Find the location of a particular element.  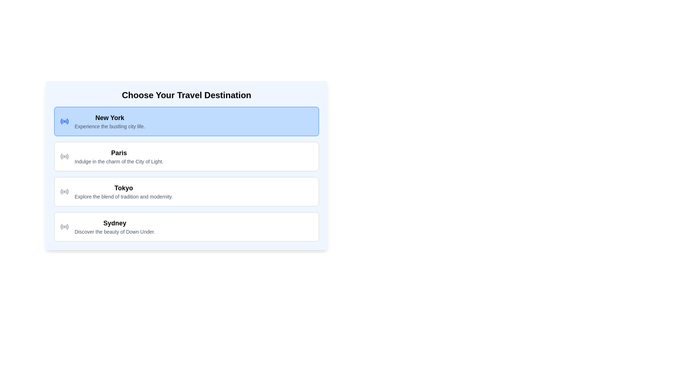

the fifth and outermost arc of the radio button graphic located to the left of the 'Tokyo' text in a list item is located at coordinates (67, 191).